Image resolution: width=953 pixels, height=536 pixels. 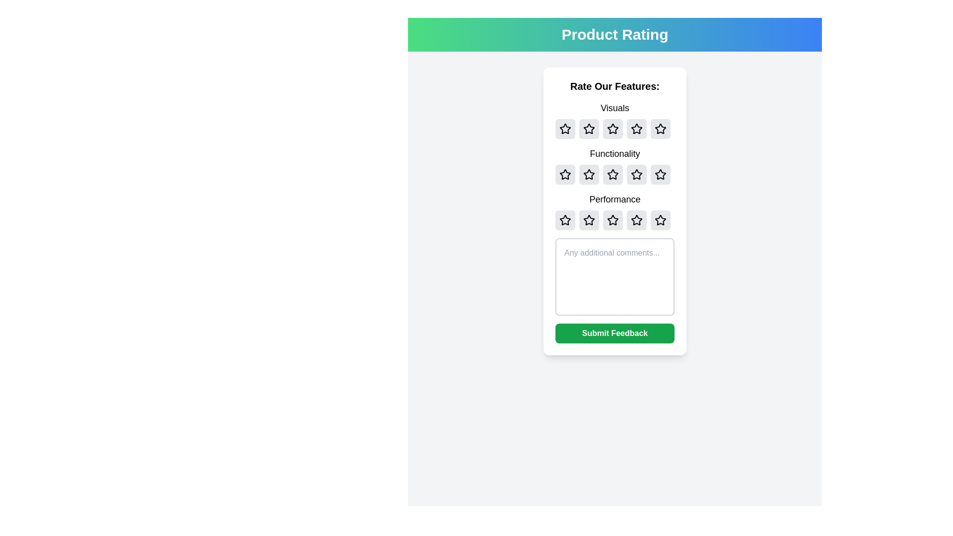 I want to click on the fourth star in the third row of the performance rating system, so click(x=636, y=219).